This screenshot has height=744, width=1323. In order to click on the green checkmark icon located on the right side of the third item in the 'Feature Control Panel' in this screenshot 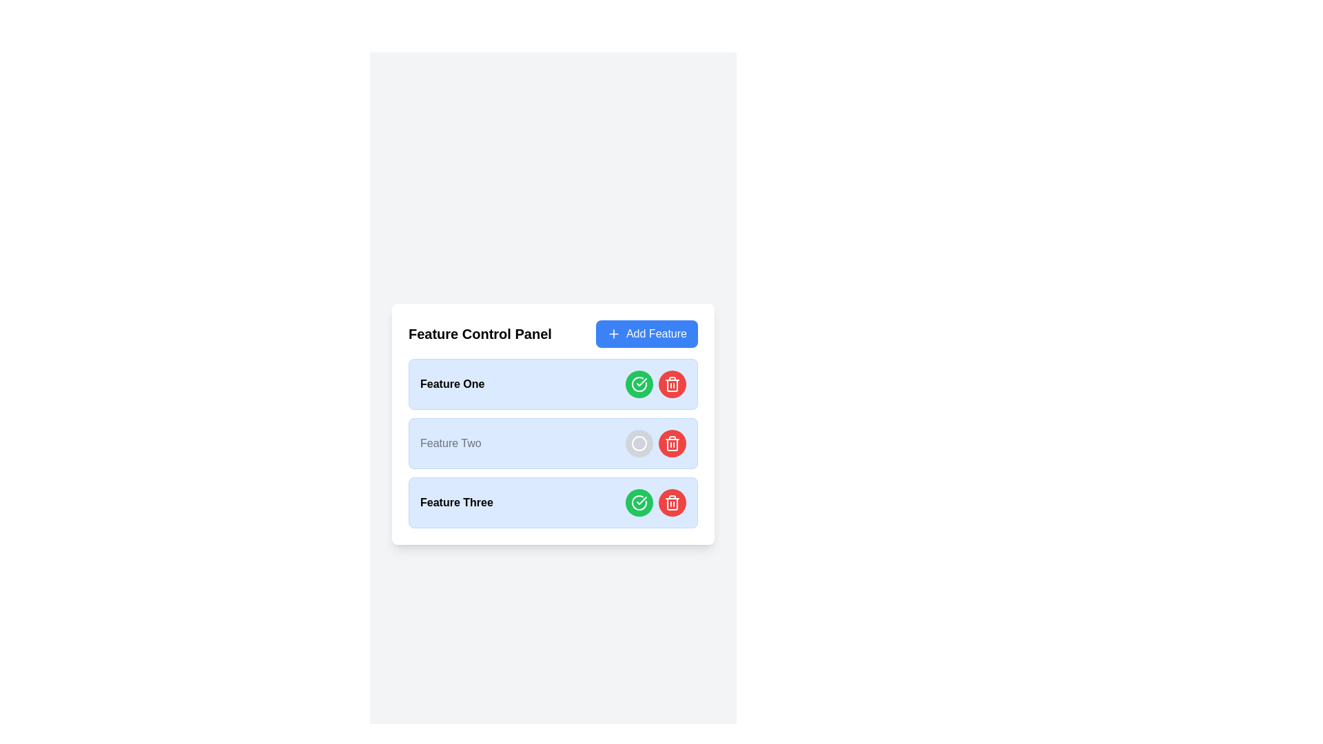, I will do `click(641, 500)`.